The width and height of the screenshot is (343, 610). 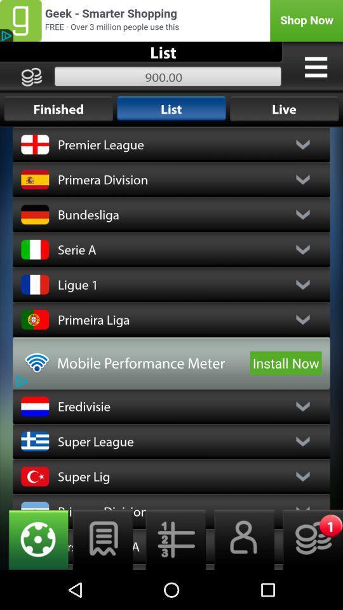 I want to click on the install now item, so click(x=286, y=363).